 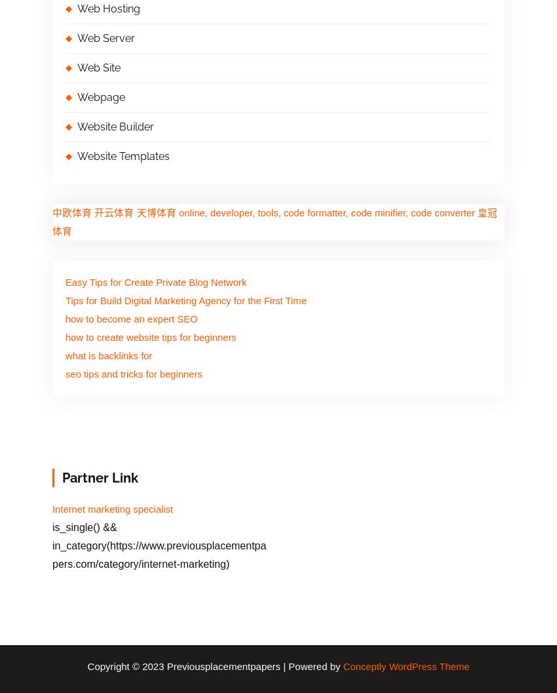 I want to click on 'seo tips and tricks for beginners', so click(x=64, y=373).